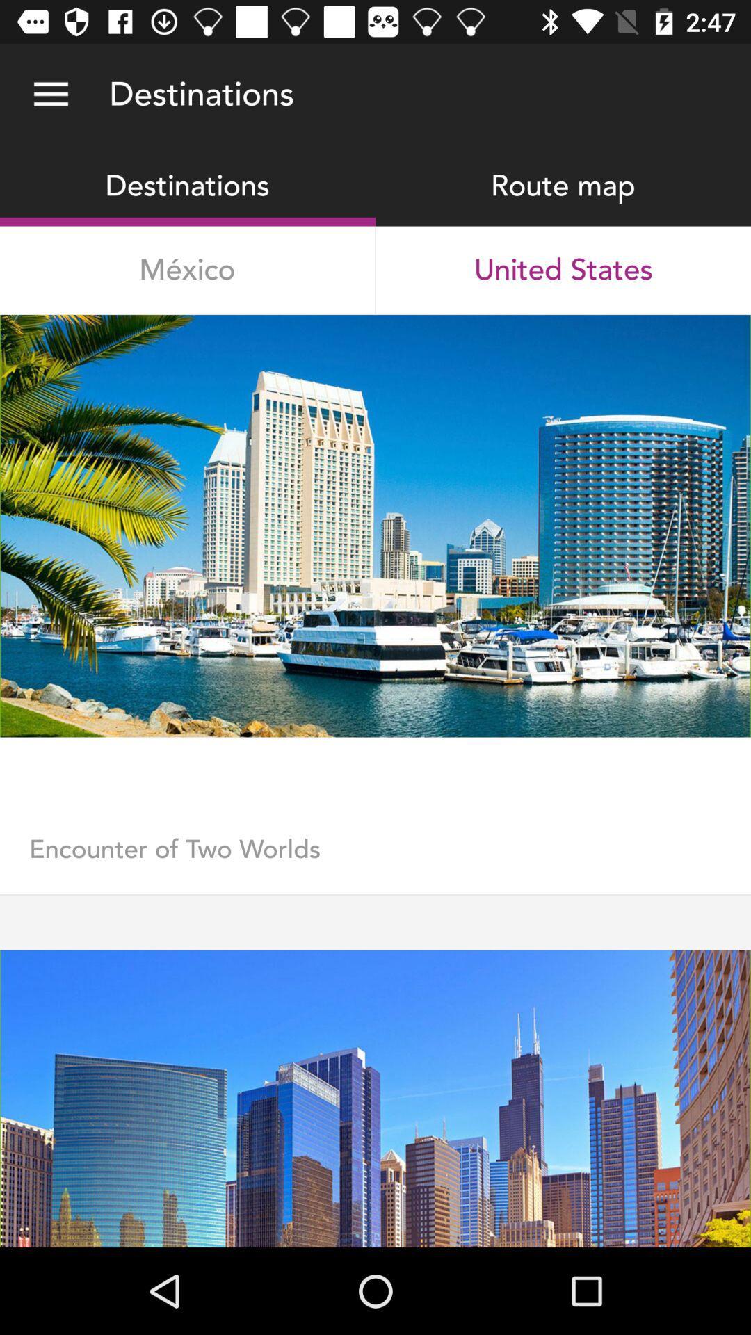 The height and width of the screenshot is (1335, 751). I want to click on united states icon, so click(563, 270).